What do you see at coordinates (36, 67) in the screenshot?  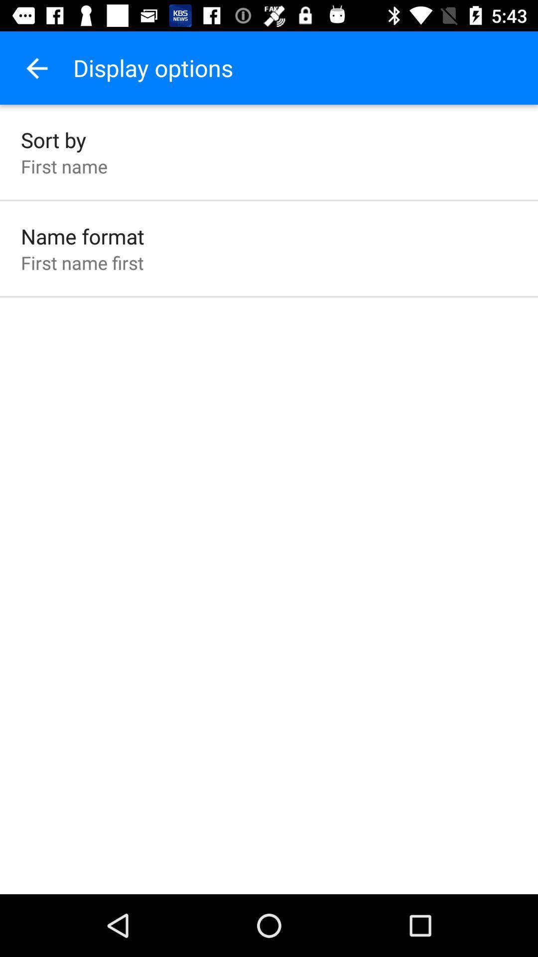 I see `icon next to display options item` at bounding box center [36, 67].